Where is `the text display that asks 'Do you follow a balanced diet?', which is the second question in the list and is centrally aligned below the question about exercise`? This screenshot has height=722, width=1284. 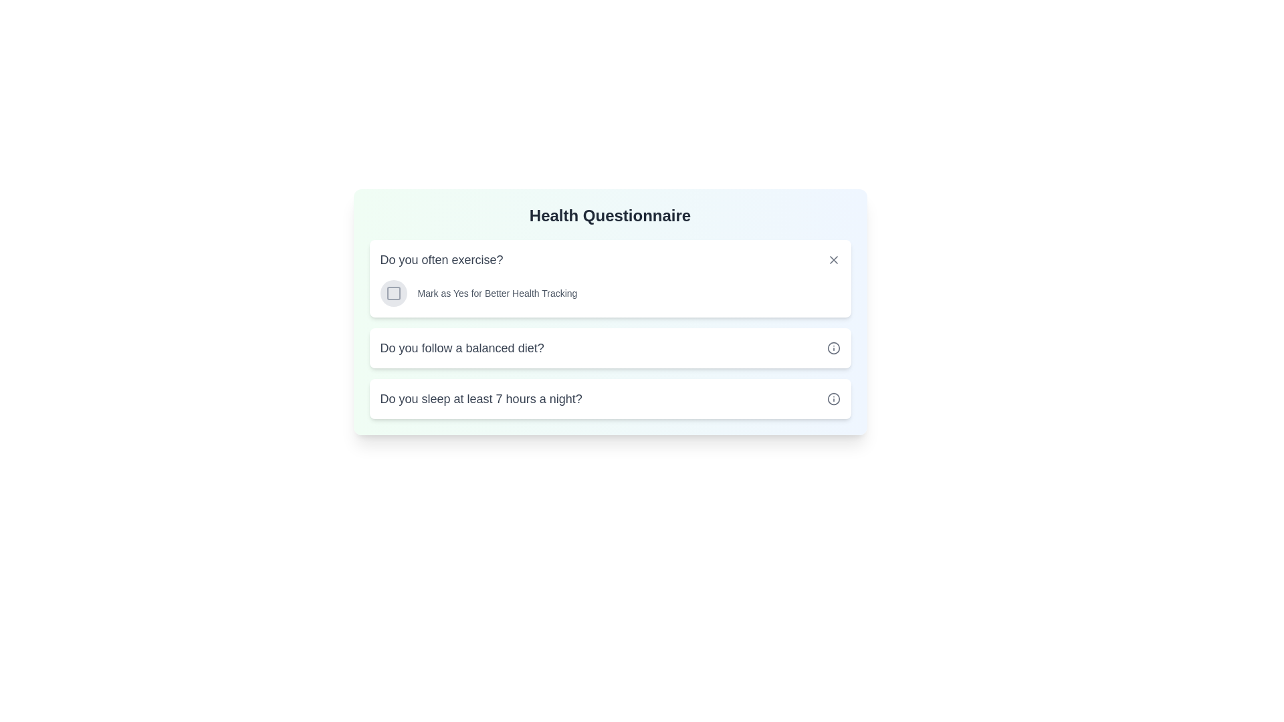 the text display that asks 'Do you follow a balanced diet?', which is the second question in the list and is centrally aligned below the question about exercise is located at coordinates (462, 347).